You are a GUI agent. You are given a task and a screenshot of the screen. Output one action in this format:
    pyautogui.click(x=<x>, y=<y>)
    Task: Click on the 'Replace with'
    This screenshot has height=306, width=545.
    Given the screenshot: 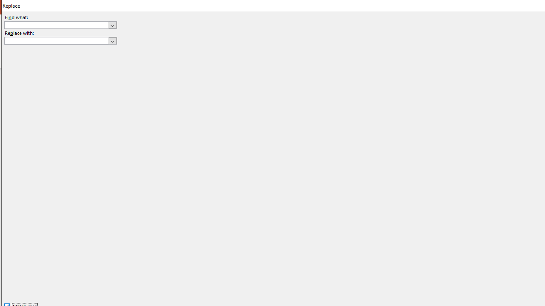 What is the action you would take?
    pyautogui.click(x=56, y=40)
    